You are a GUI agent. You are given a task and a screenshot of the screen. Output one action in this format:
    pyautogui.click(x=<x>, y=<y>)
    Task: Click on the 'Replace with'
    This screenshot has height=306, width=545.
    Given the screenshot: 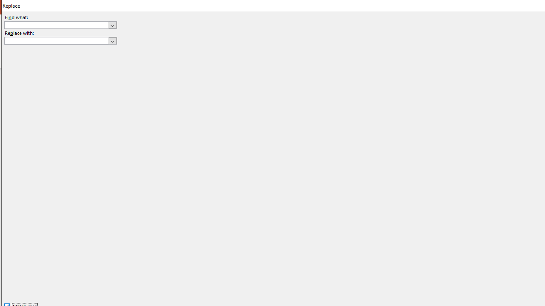 What is the action you would take?
    pyautogui.click(x=56, y=40)
    